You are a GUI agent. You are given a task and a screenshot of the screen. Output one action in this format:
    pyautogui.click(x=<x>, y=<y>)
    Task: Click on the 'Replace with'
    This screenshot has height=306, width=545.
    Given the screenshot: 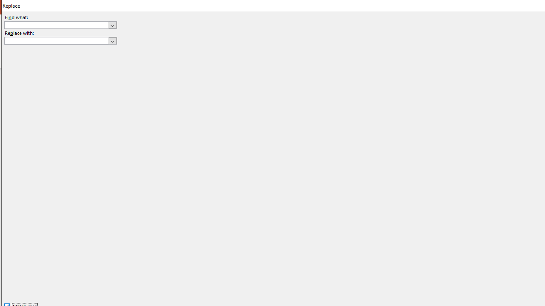 What is the action you would take?
    pyautogui.click(x=56, y=40)
    